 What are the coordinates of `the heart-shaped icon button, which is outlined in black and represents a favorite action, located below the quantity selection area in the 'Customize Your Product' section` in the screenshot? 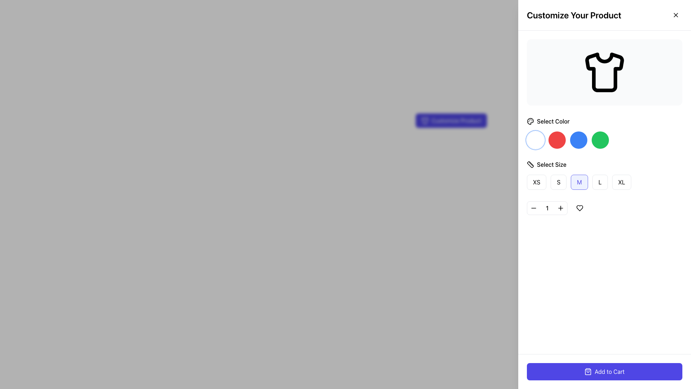 It's located at (580, 208).